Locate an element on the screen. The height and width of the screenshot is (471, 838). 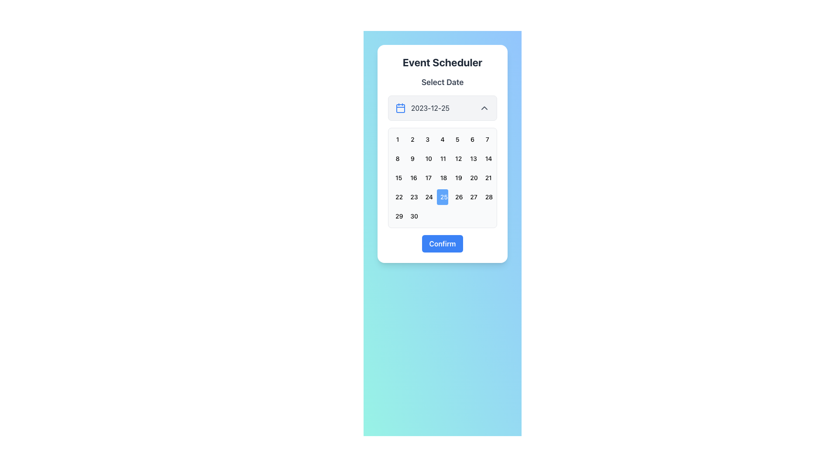
the button displaying the number '28' located is located at coordinates (487, 197).